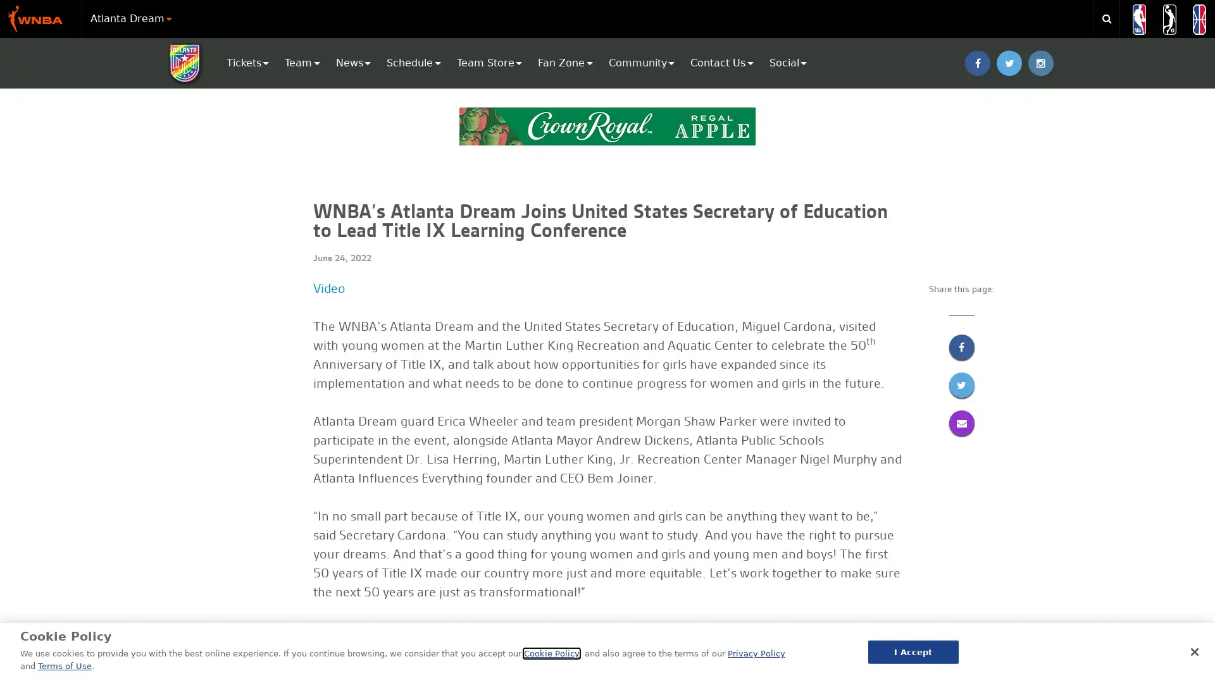 This screenshot has width=1215, height=683. Describe the element at coordinates (913, 651) in the screenshot. I see `I Accept` at that location.